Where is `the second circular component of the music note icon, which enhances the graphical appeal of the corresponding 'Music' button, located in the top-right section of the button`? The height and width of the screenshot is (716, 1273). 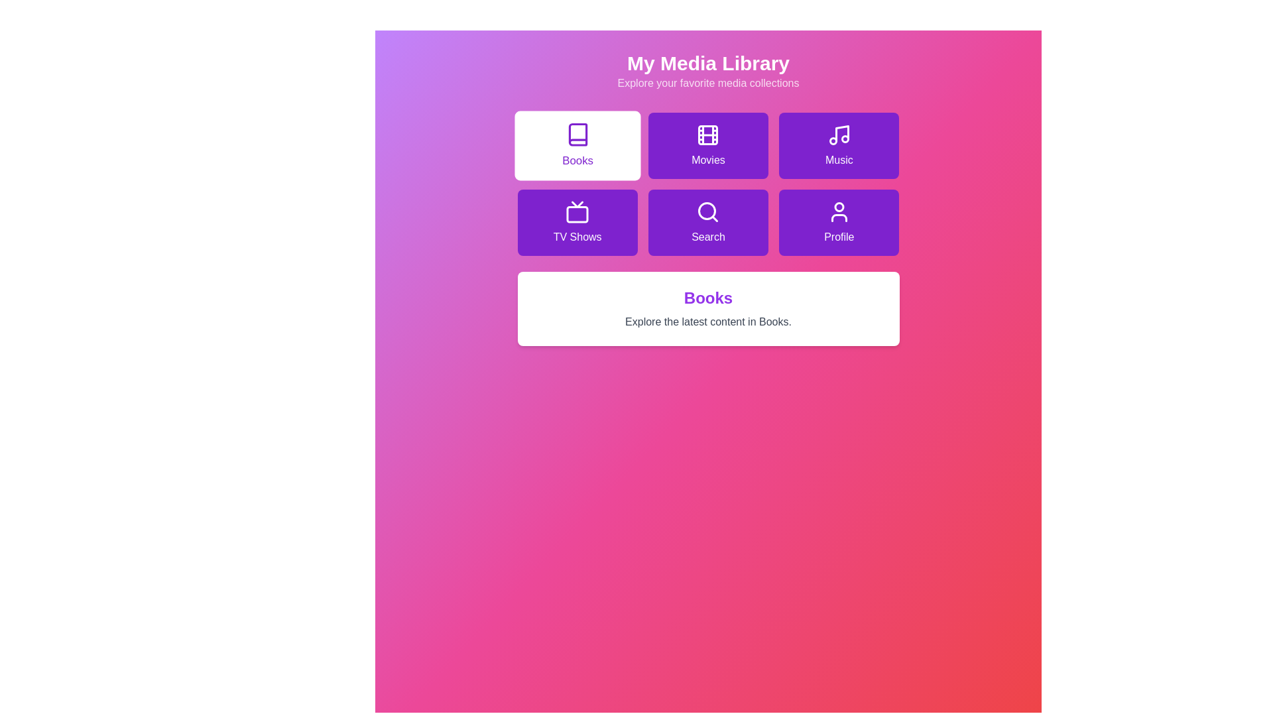 the second circular component of the music note icon, which enhances the graphical appeal of the corresponding 'Music' button, located in the top-right section of the button is located at coordinates (844, 139).